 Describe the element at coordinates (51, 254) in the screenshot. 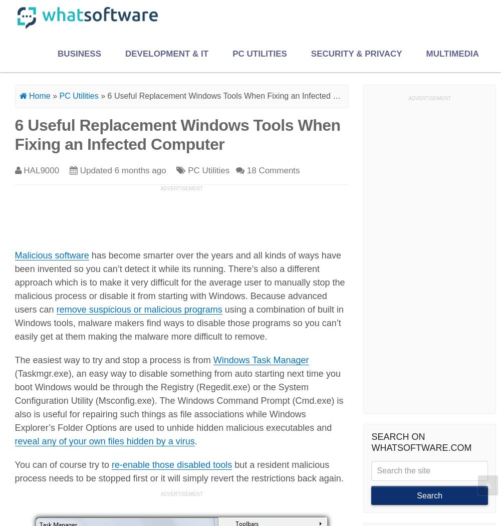

I see `'Malicious software'` at that location.